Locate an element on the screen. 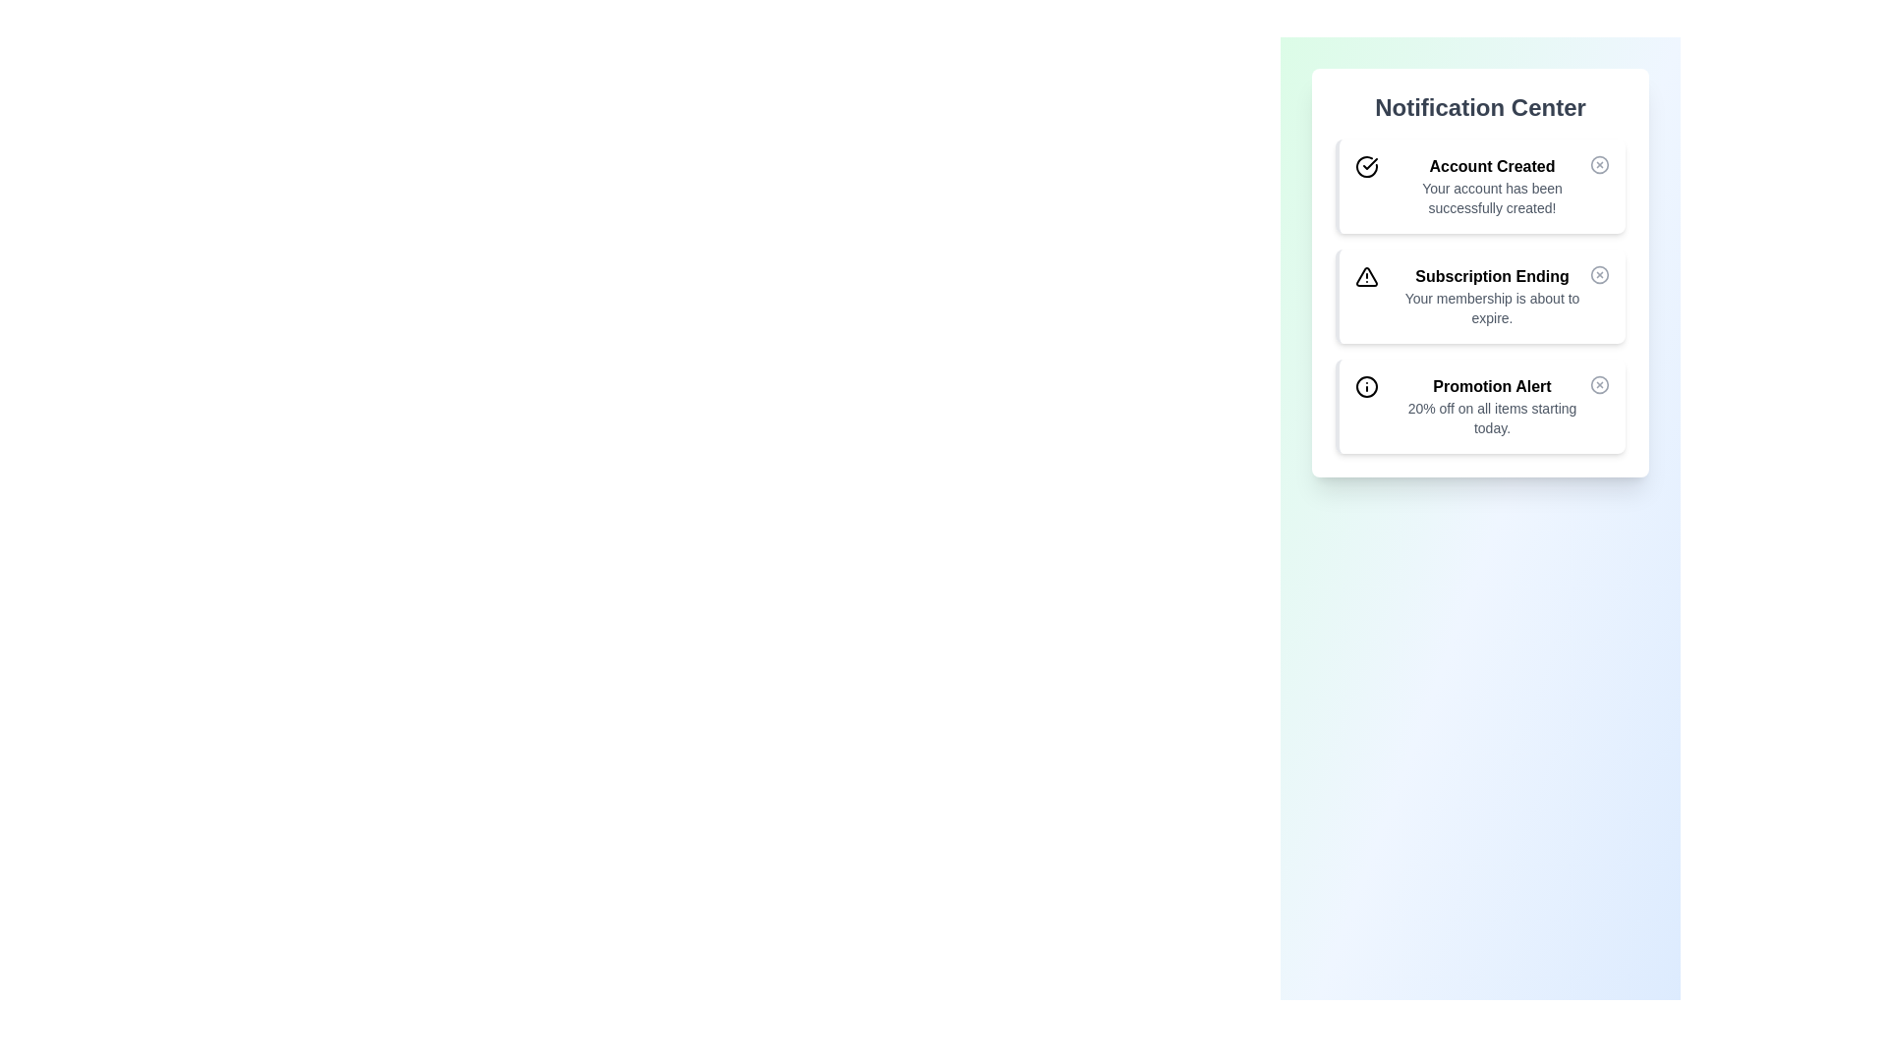  the close button icon for the 'Promotion Alert' notification located at the top-right corner of the last notification card in the 'Notification Center' to darken its color is located at coordinates (1599, 385).